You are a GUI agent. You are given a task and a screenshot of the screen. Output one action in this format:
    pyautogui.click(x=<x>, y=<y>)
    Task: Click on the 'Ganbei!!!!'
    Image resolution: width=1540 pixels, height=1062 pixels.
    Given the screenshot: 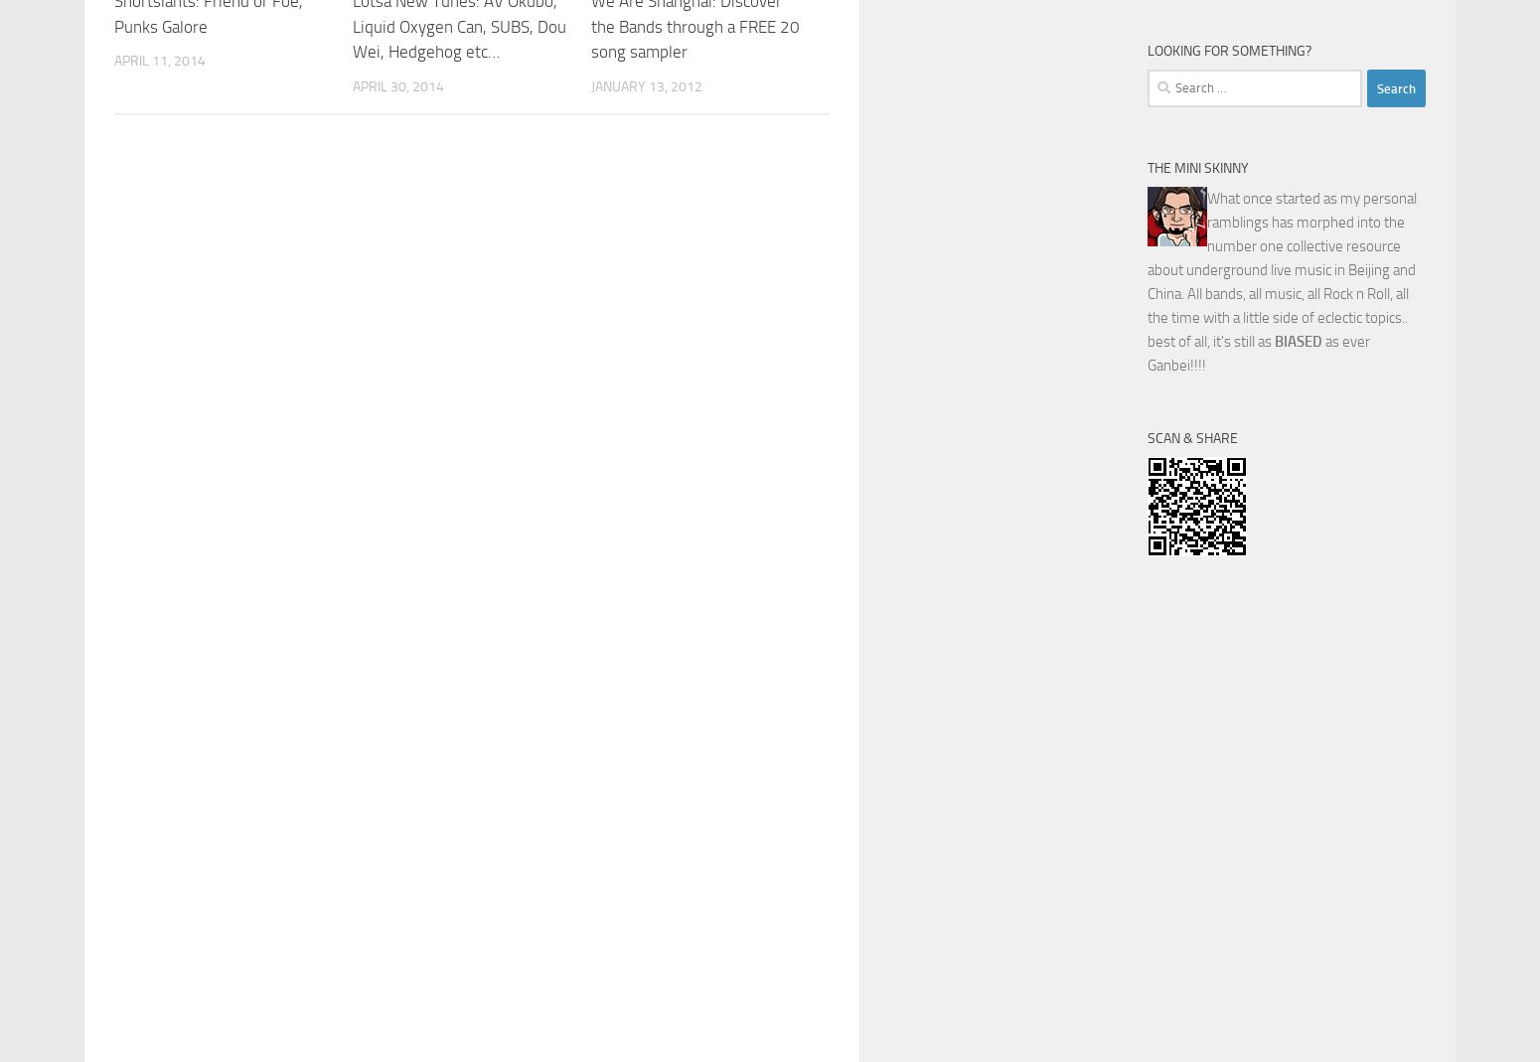 What is the action you would take?
    pyautogui.click(x=1147, y=365)
    